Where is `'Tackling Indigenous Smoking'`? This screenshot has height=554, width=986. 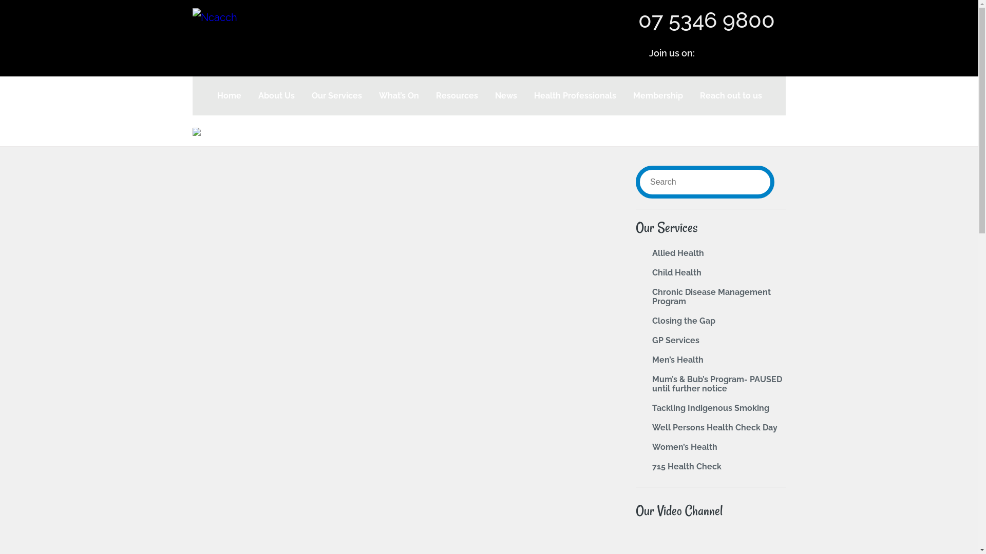
'Tackling Indigenous Smoking' is located at coordinates (710, 407).